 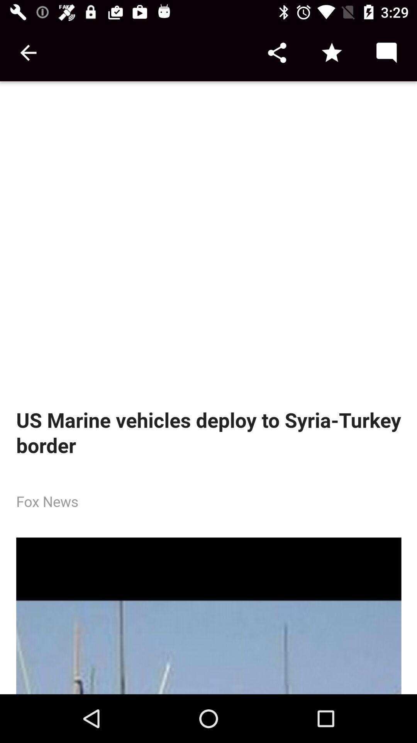 I want to click on share button, so click(x=276, y=52).